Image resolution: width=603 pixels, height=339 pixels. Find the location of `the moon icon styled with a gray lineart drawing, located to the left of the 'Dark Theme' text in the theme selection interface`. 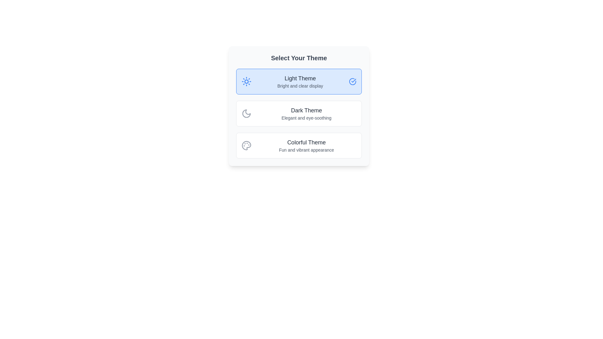

the moon icon styled with a gray lineart drawing, located to the left of the 'Dark Theme' text in the theme selection interface is located at coordinates (246, 114).